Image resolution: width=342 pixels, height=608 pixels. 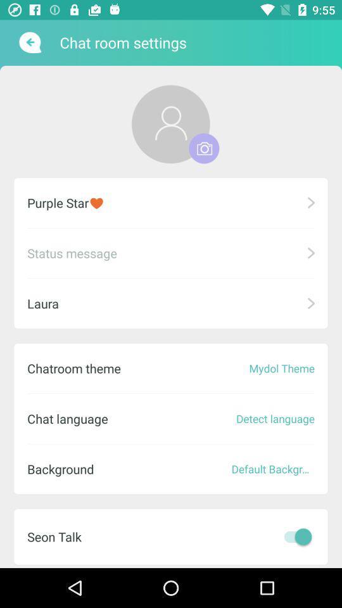 What do you see at coordinates (204, 148) in the screenshot?
I see `profile image` at bounding box center [204, 148].